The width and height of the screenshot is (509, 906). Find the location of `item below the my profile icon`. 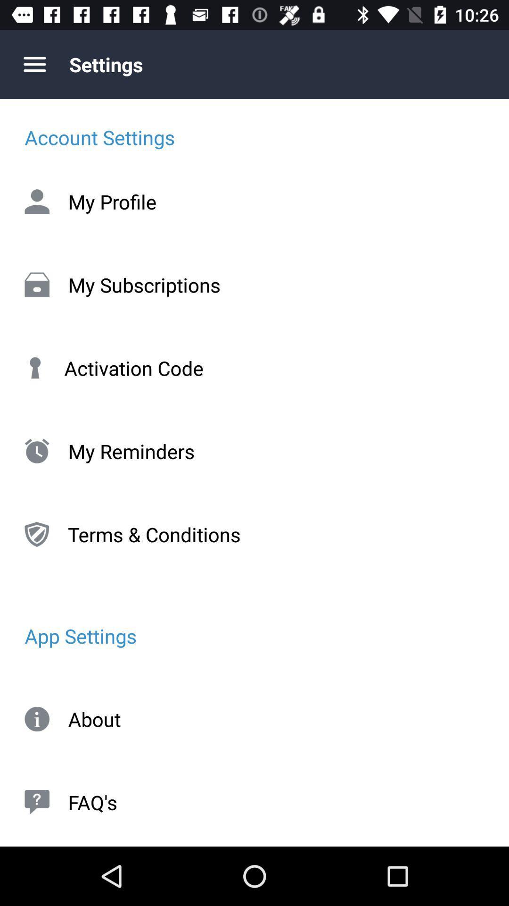

item below the my profile icon is located at coordinates (254, 284).